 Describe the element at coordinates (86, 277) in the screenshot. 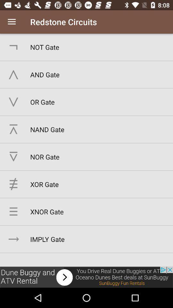

I see `open advertisement` at that location.